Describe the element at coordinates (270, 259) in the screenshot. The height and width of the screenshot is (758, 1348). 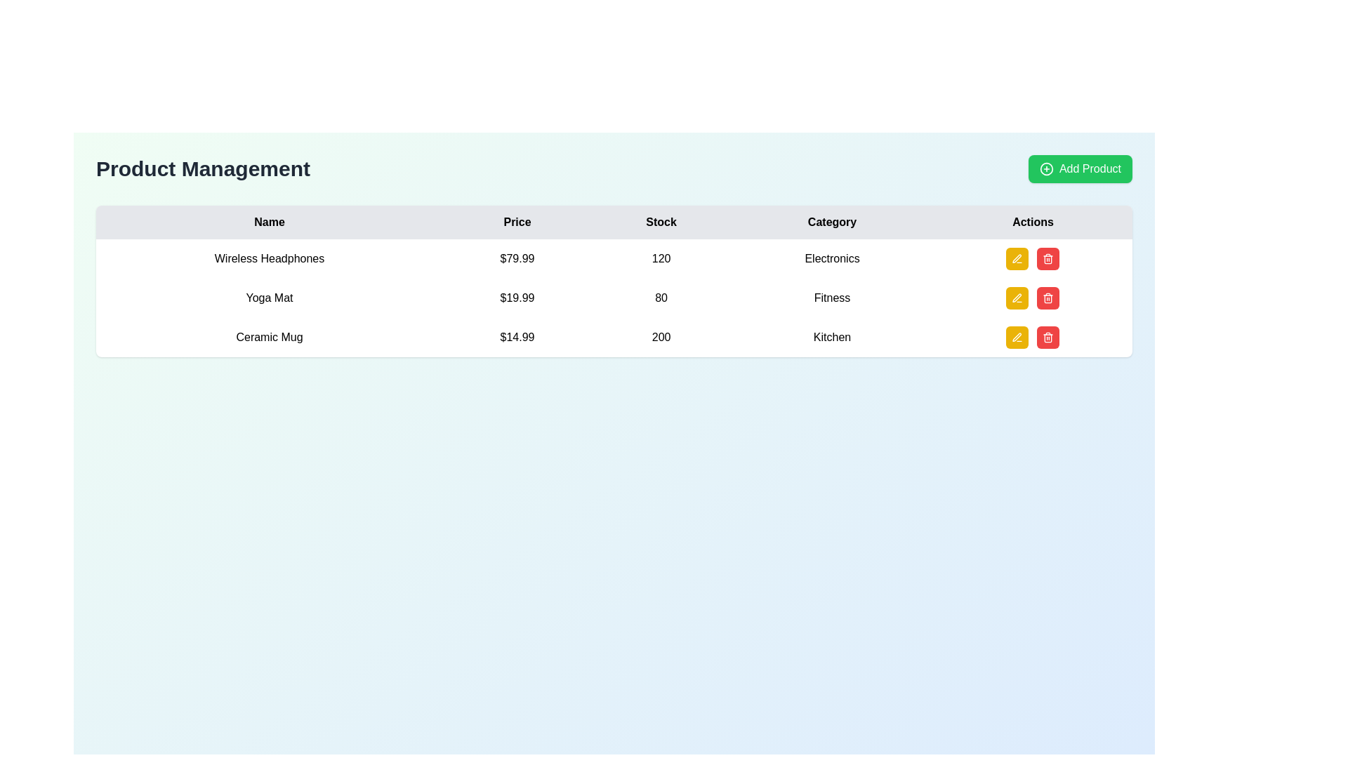
I see `the static text label displaying 'Wireless Headphones' located in the first column of the data table under the 'Name' header` at that location.